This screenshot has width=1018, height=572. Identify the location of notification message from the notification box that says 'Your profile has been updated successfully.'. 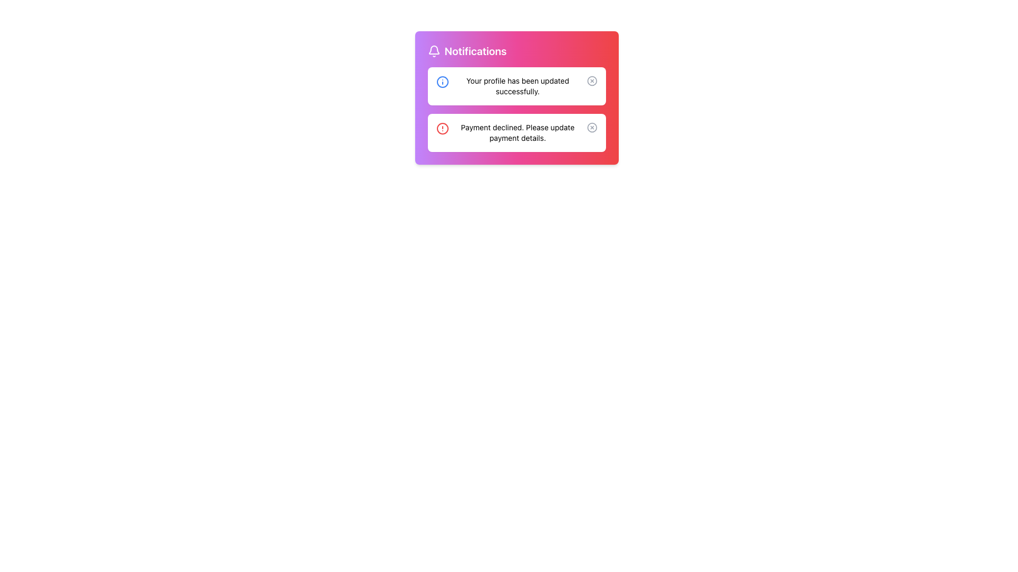
(516, 85).